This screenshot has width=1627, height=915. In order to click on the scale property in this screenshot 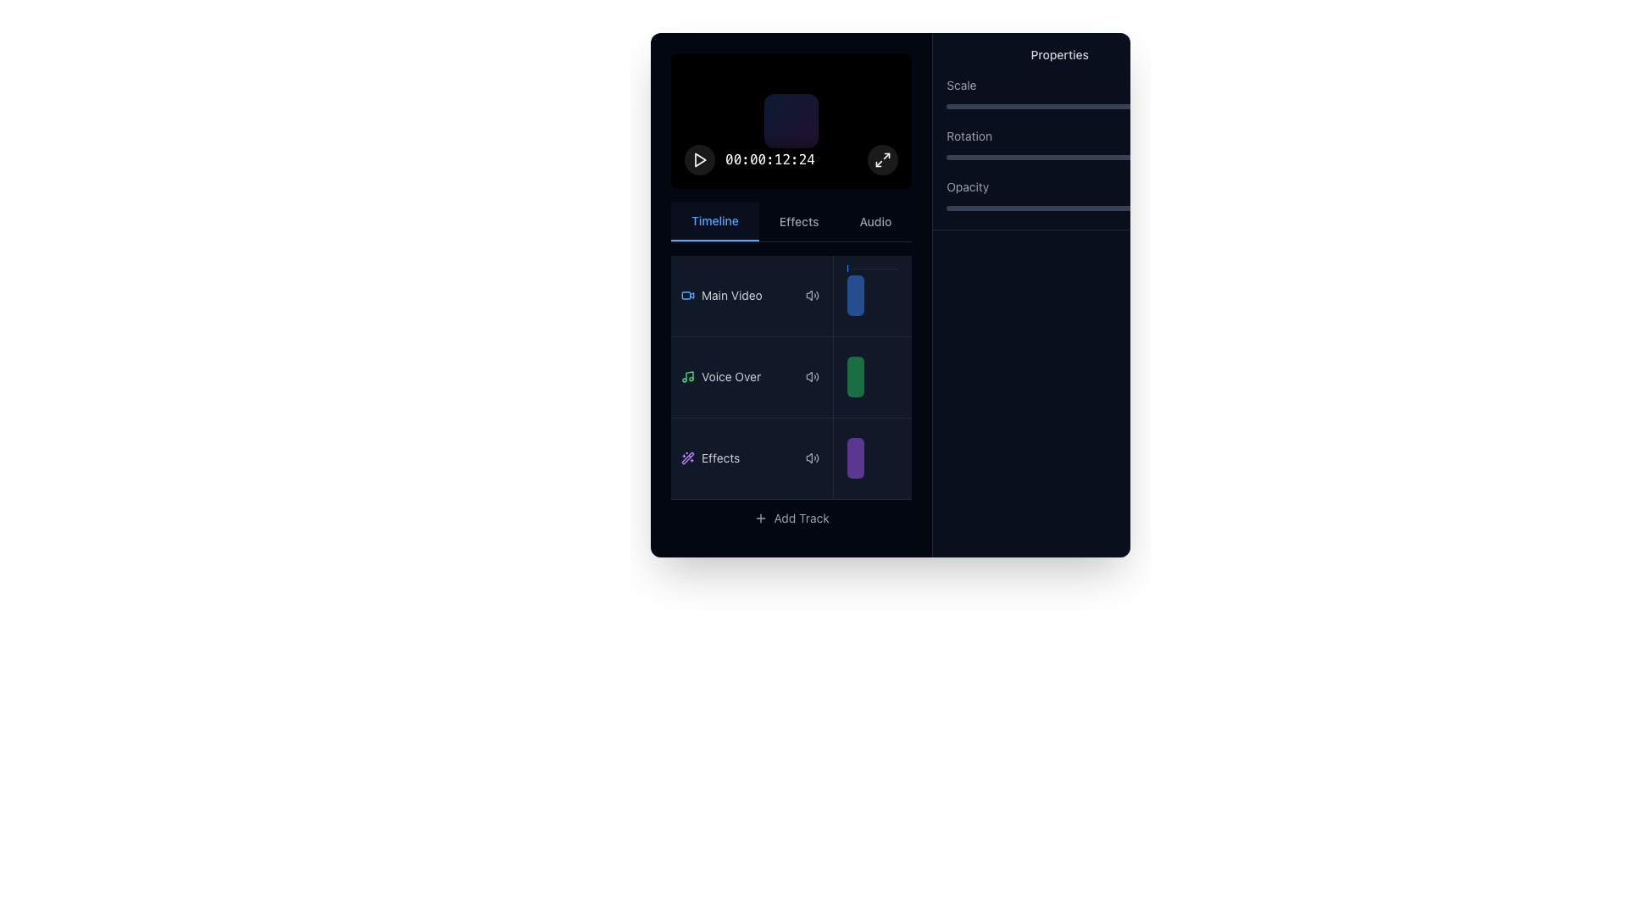, I will do `click(1116, 107)`.